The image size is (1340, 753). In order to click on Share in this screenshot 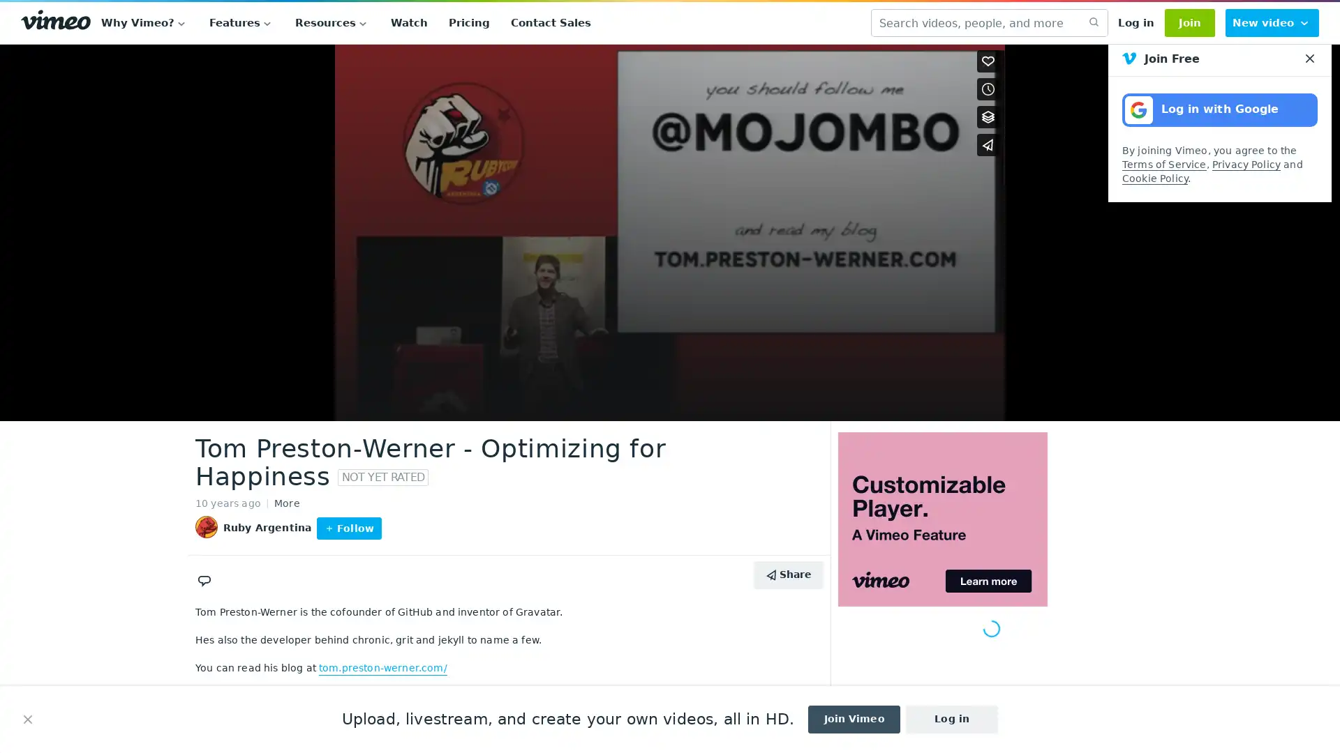, I will do `click(788, 575)`.